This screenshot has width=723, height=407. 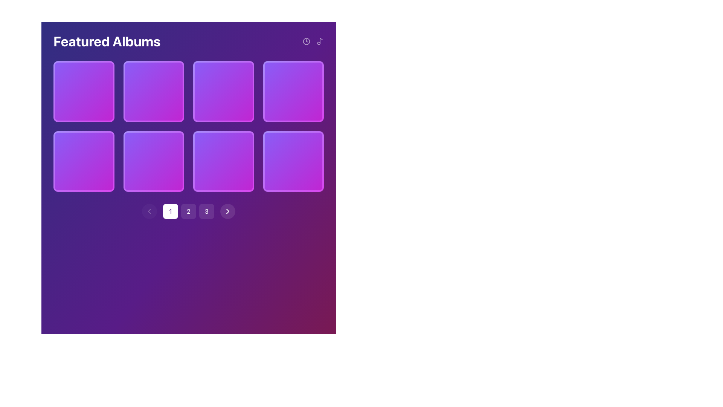 I want to click on the first card, so click(x=84, y=91).